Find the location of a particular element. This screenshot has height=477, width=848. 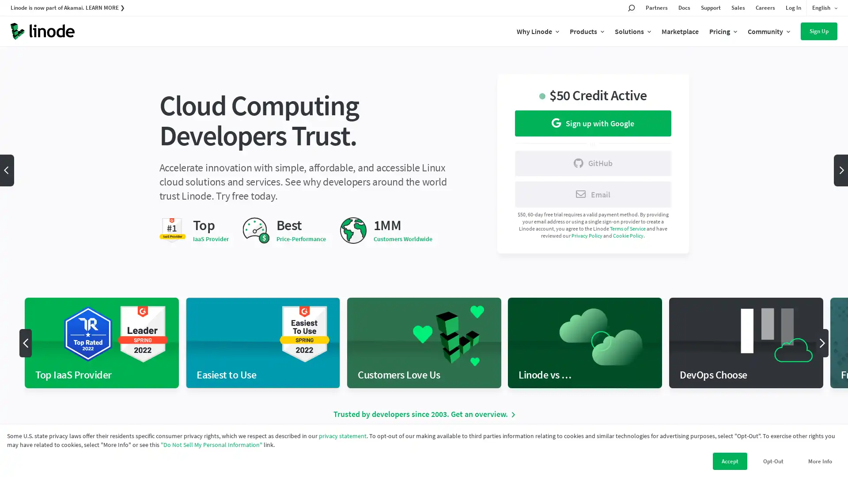

Accept is located at coordinates (730, 461).